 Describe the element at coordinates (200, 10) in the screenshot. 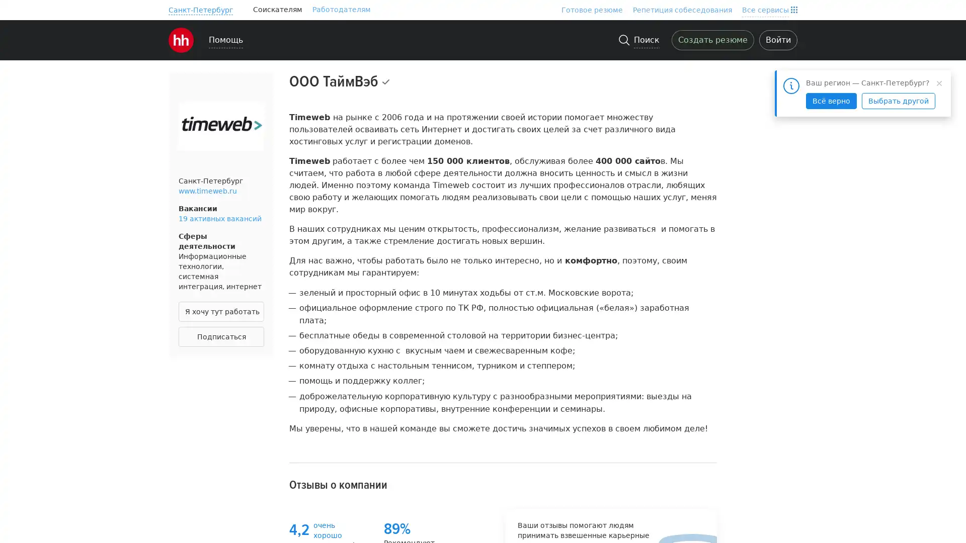

I see `-` at that location.